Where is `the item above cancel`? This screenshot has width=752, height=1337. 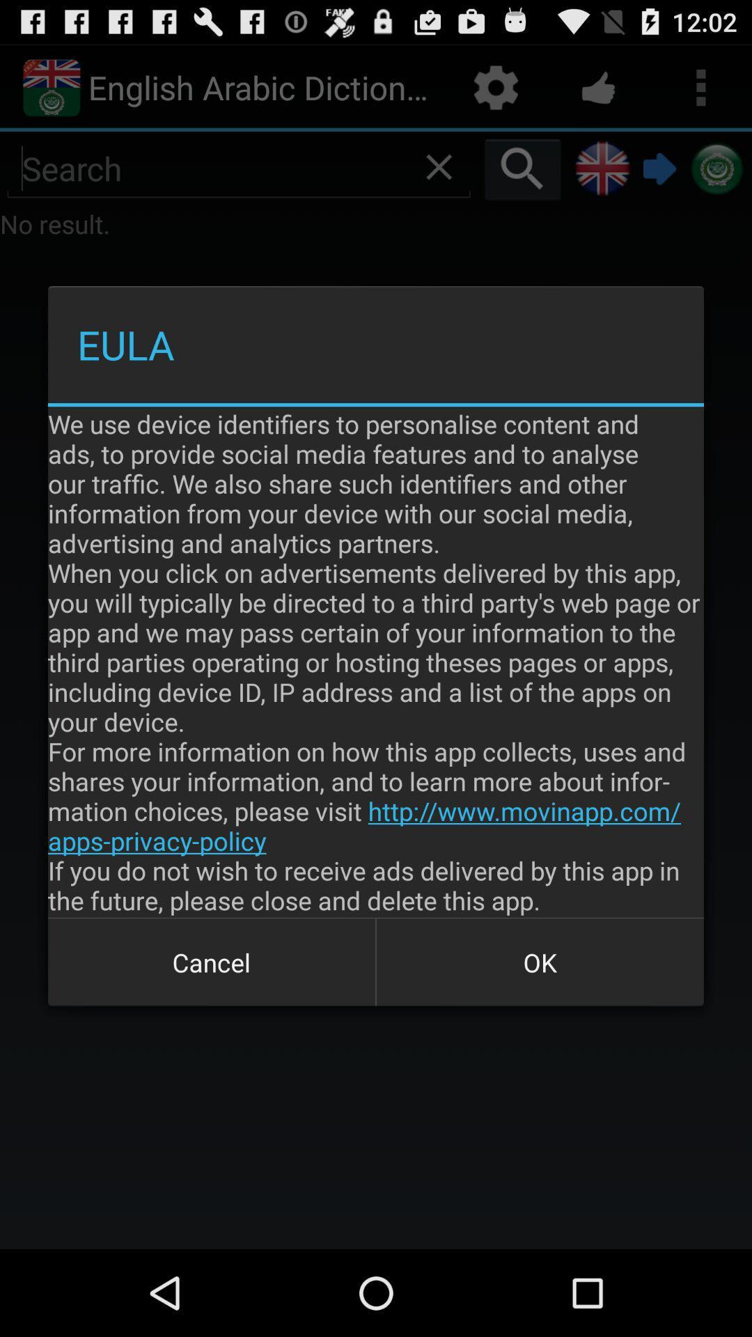 the item above cancel is located at coordinates (376, 661).